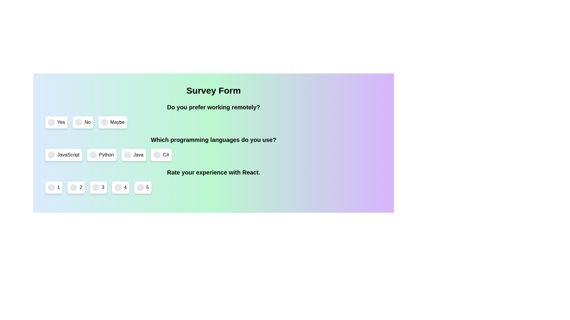 The height and width of the screenshot is (320, 570). I want to click on the text label displaying 'Java', which is the third selectable option in the row under the question 'Which programming languages do you use?', so click(138, 155).